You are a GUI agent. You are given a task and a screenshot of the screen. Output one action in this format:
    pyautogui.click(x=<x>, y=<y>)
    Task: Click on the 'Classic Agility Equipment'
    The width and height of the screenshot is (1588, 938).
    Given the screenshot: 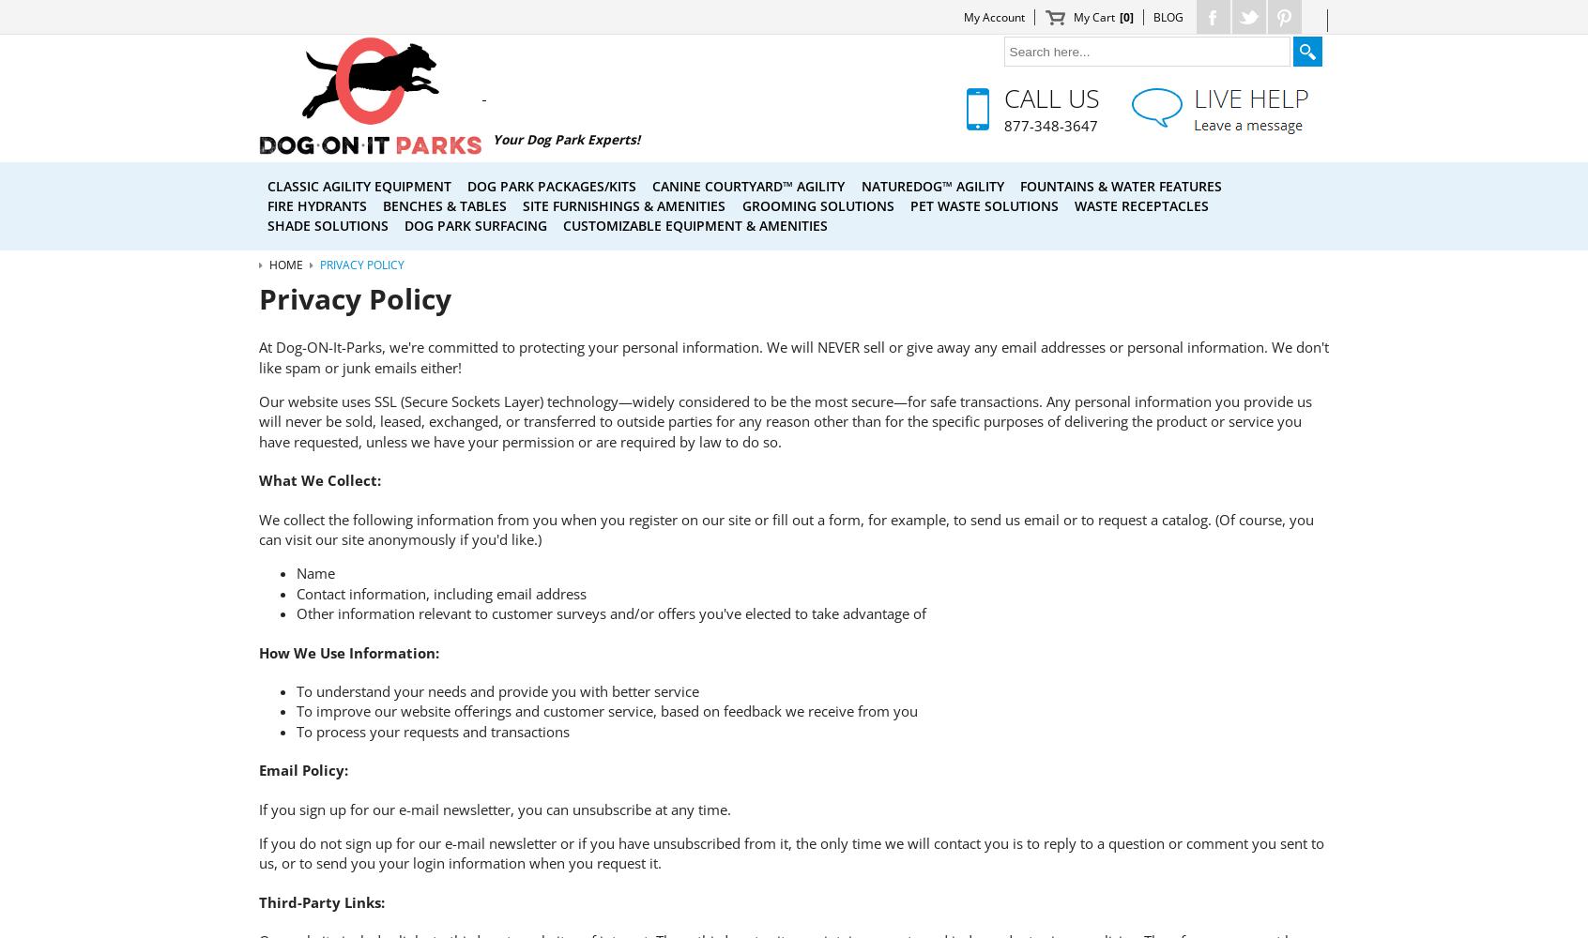 What is the action you would take?
    pyautogui.click(x=359, y=184)
    